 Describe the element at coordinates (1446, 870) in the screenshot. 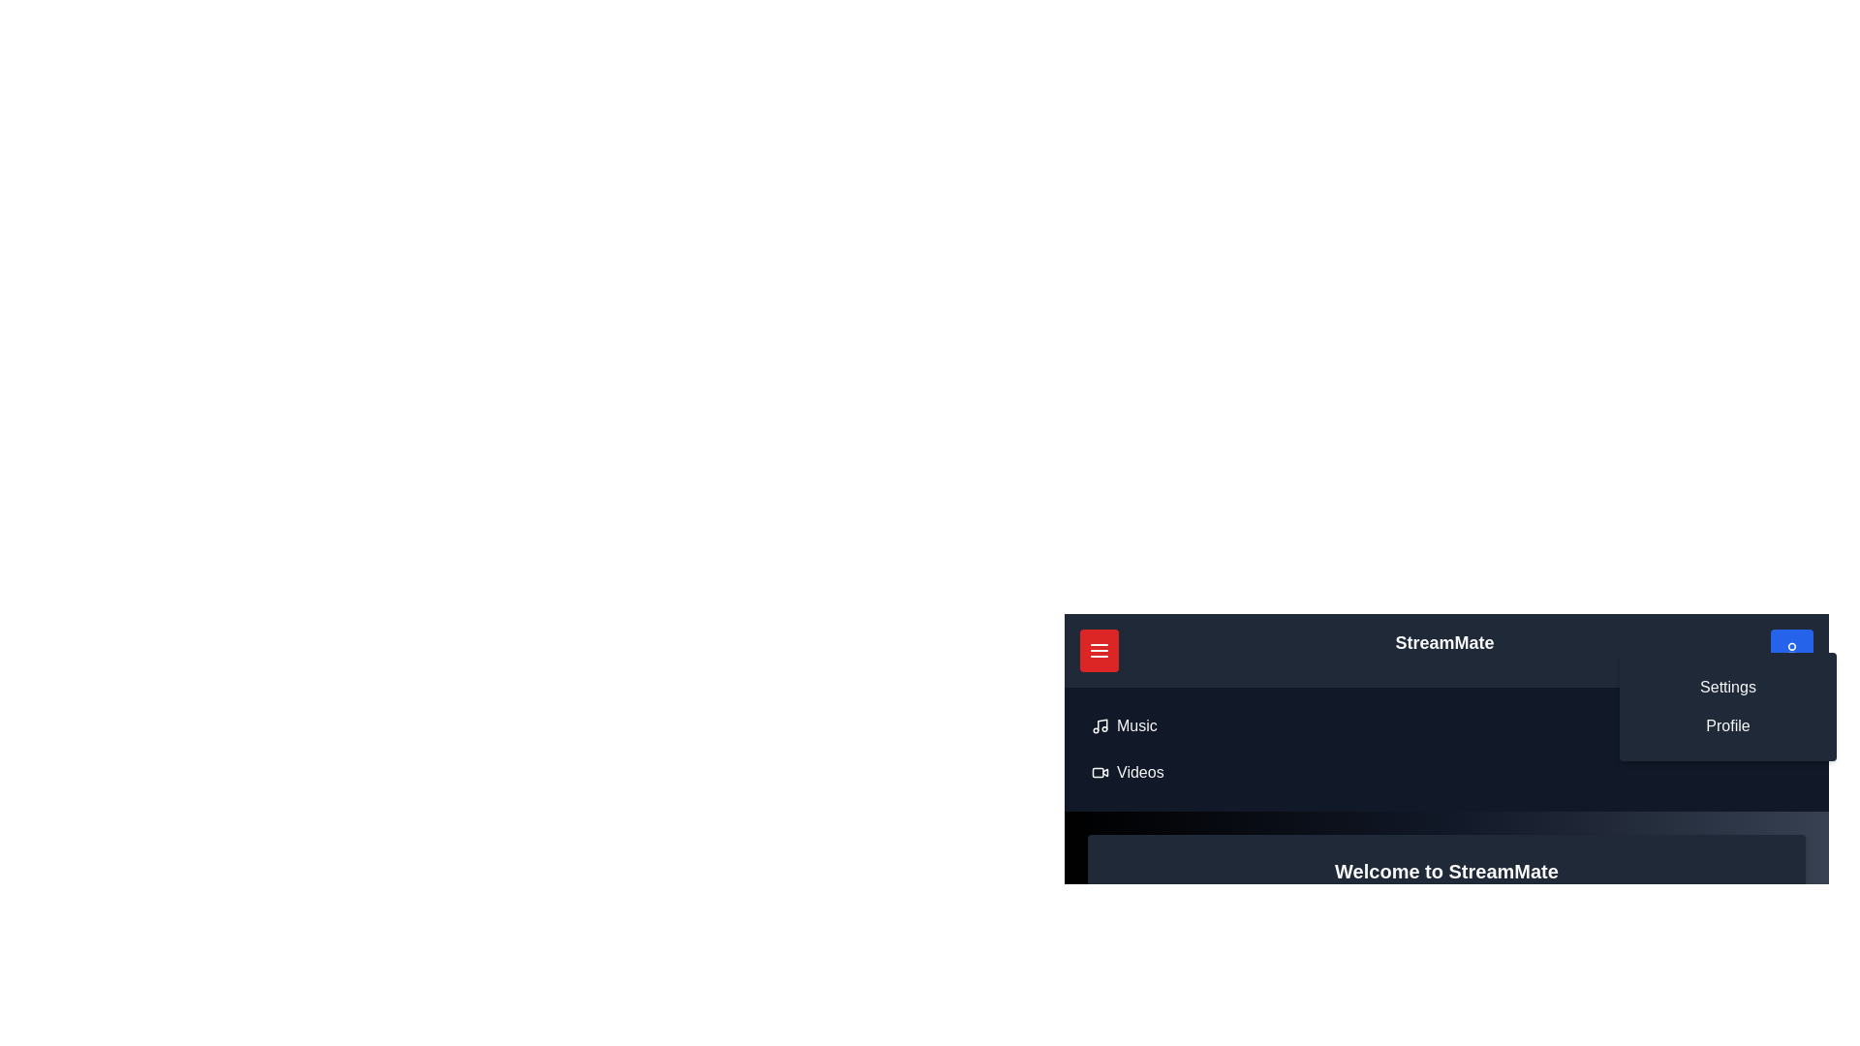

I see `the text element containing 'Welcome to StreamMate'` at that location.